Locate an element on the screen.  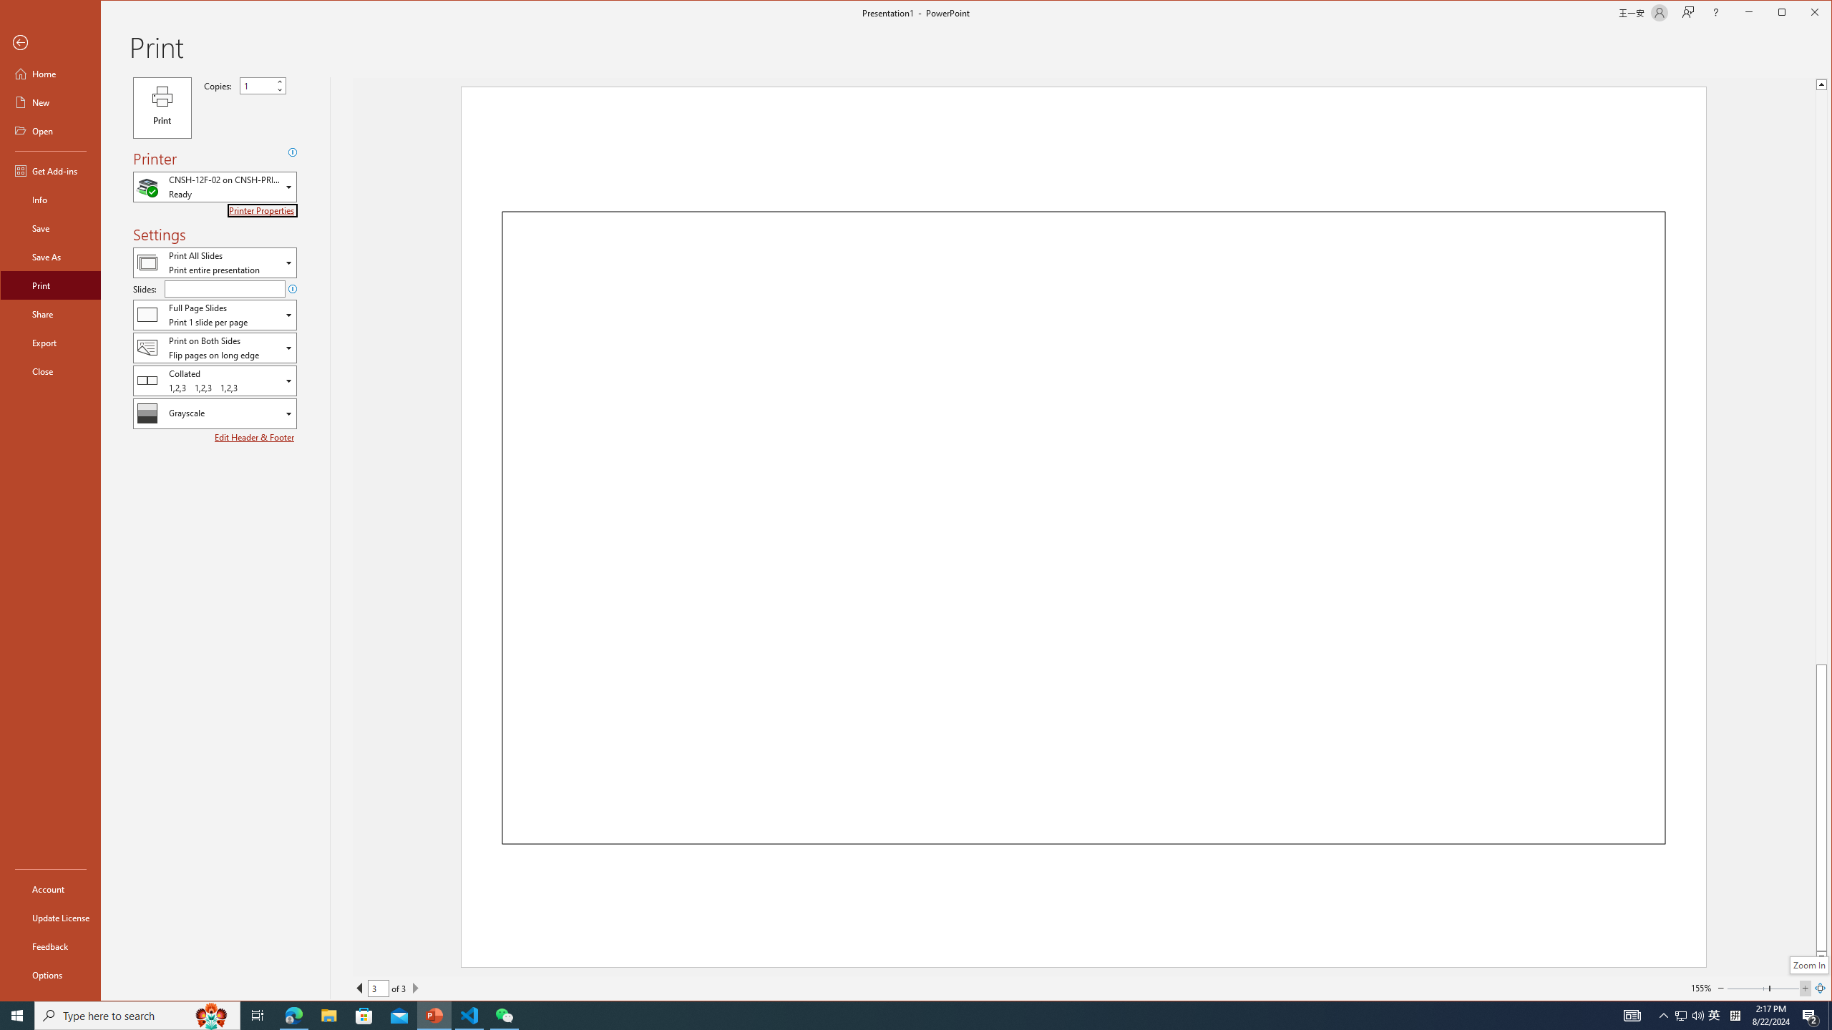
'Class: NetUIScrollBar' is located at coordinates (1821, 520).